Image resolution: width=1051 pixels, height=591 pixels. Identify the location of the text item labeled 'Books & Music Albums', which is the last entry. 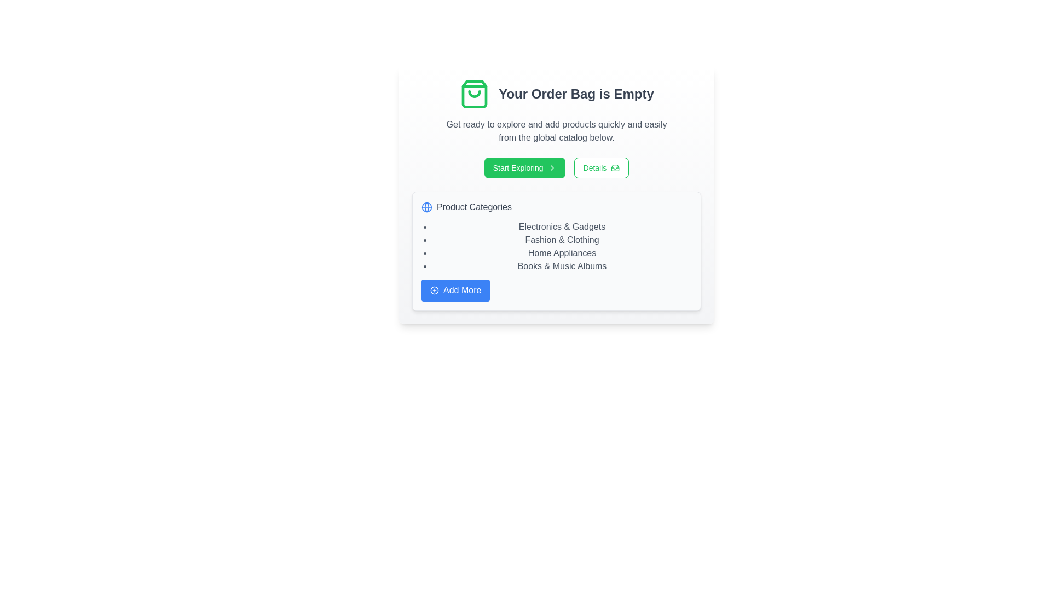
(562, 266).